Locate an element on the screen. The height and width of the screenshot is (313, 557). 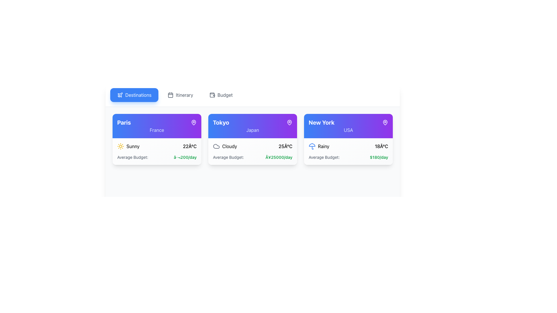
the text label indicating the average budget for the destination 'New York, USA', which is positioned left of the monetary value '$180/day' is located at coordinates (324, 157).